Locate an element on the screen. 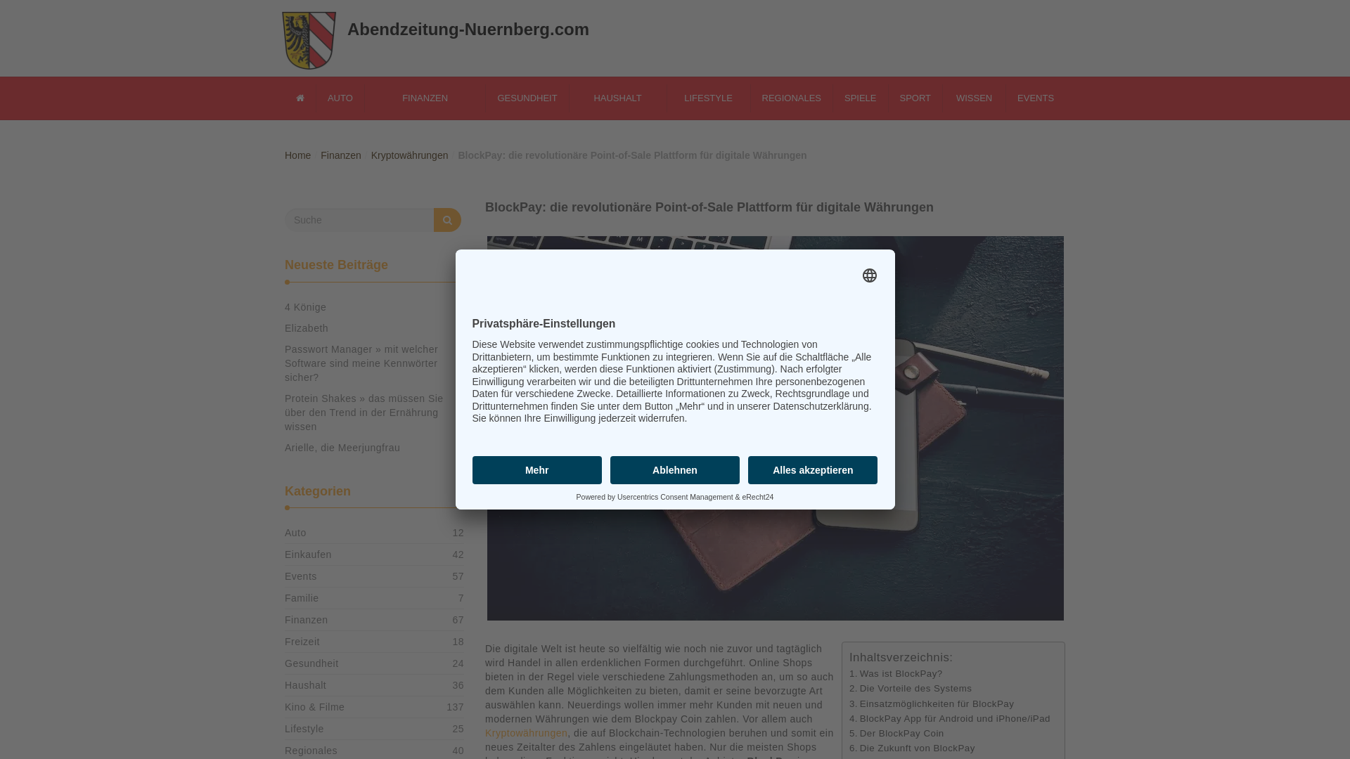 This screenshot has width=1350, height=759. 'HAUSHALT' is located at coordinates (612, 97).